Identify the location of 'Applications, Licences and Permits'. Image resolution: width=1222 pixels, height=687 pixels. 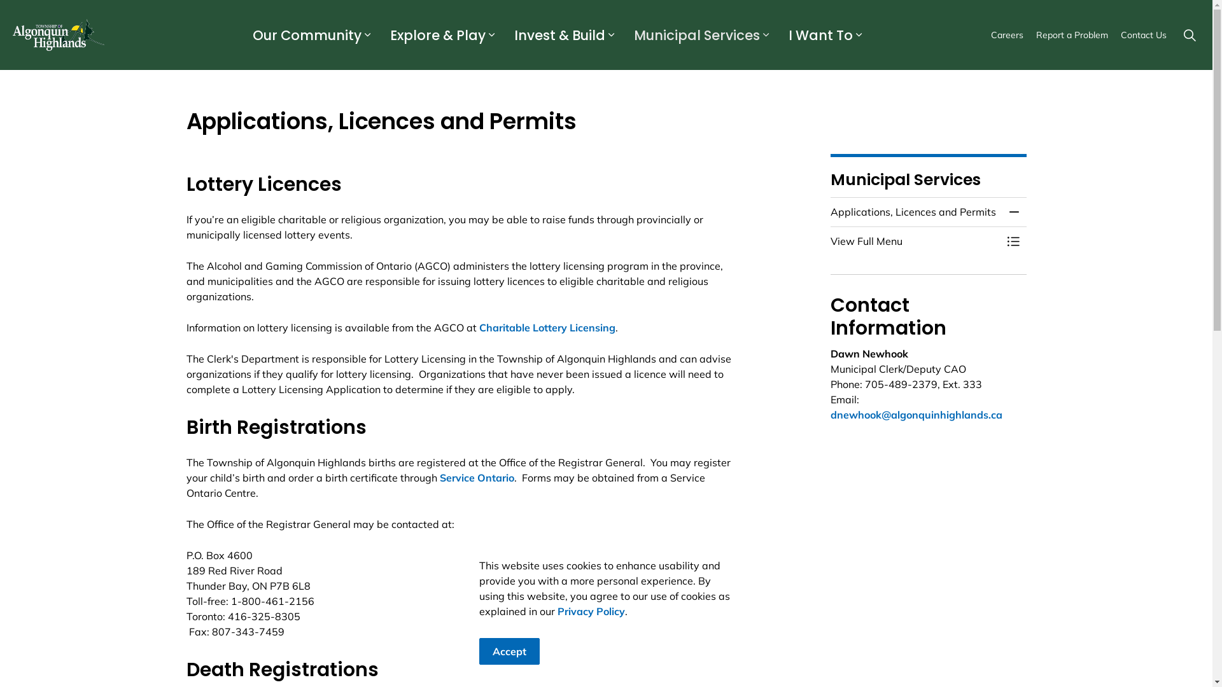
(915, 211).